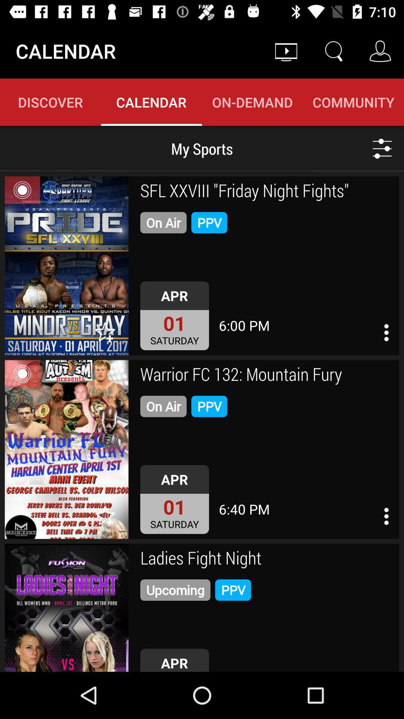 This screenshot has width=404, height=719. Describe the element at coordinates (267, 559) in the screenshot. I see `icon below saturday` at that location.